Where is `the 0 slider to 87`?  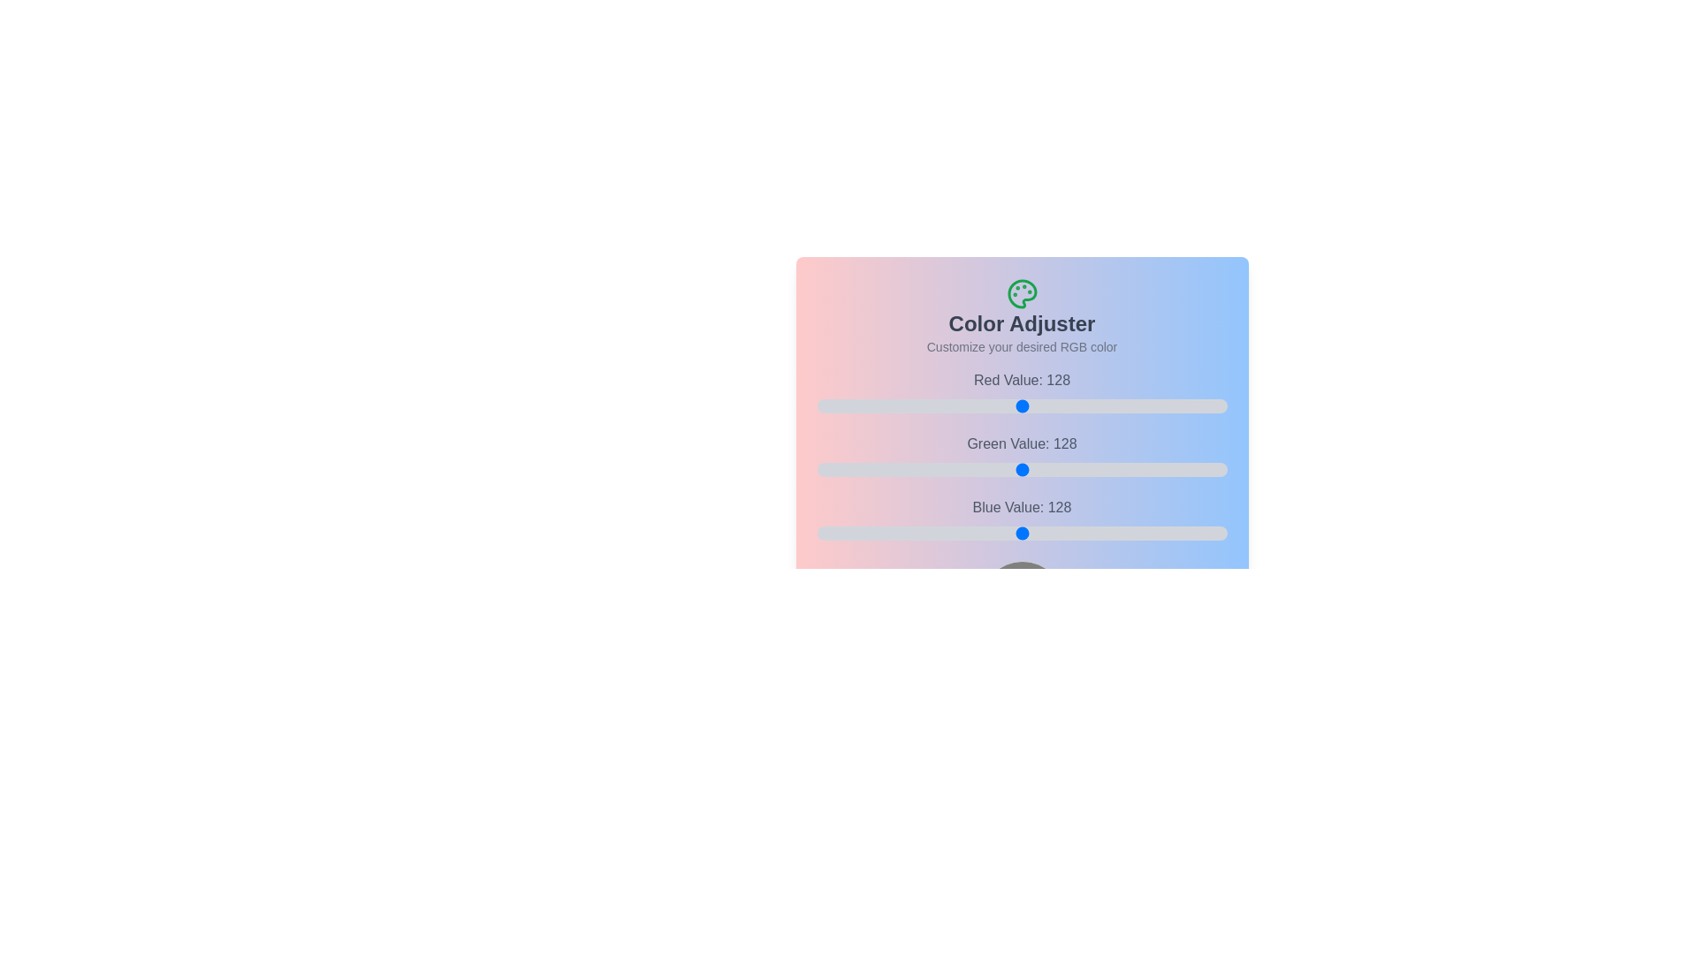
the 0 slider to 87 is located at coordinates (1091, 405).